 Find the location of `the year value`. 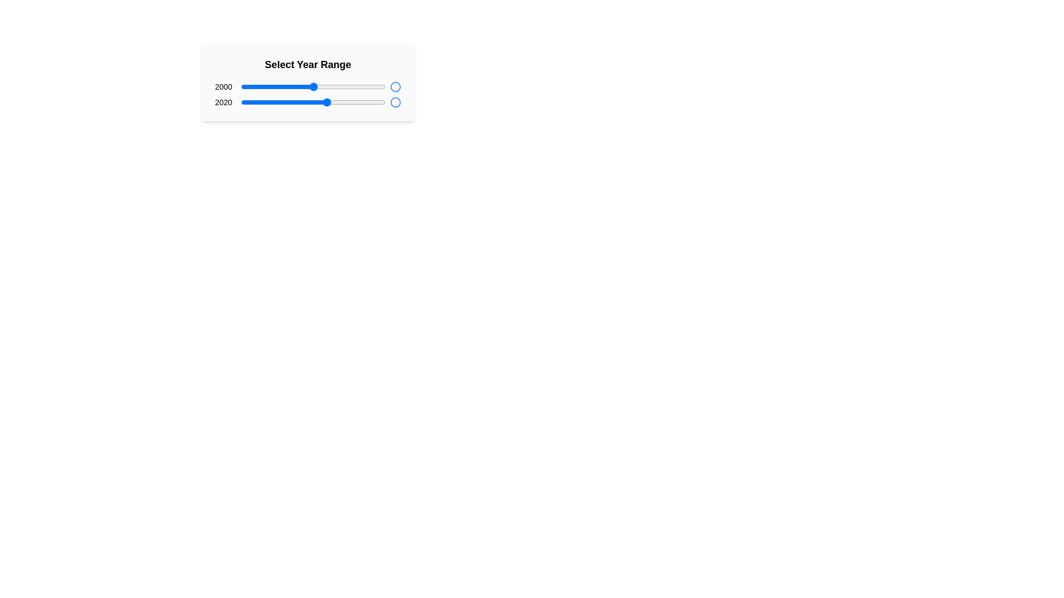

the year value is located at coordinates (364, 102).